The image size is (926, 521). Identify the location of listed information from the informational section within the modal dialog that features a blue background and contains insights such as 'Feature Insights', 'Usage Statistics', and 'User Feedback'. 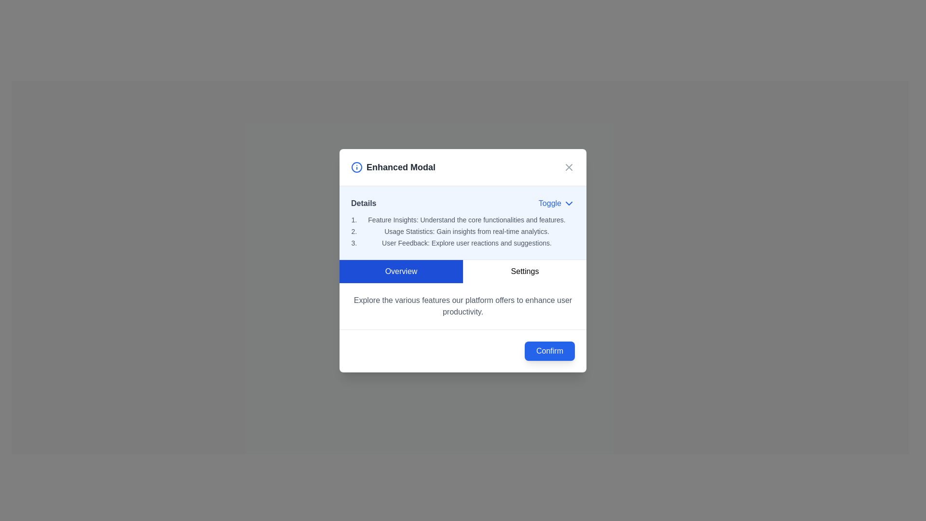
(463, 222).